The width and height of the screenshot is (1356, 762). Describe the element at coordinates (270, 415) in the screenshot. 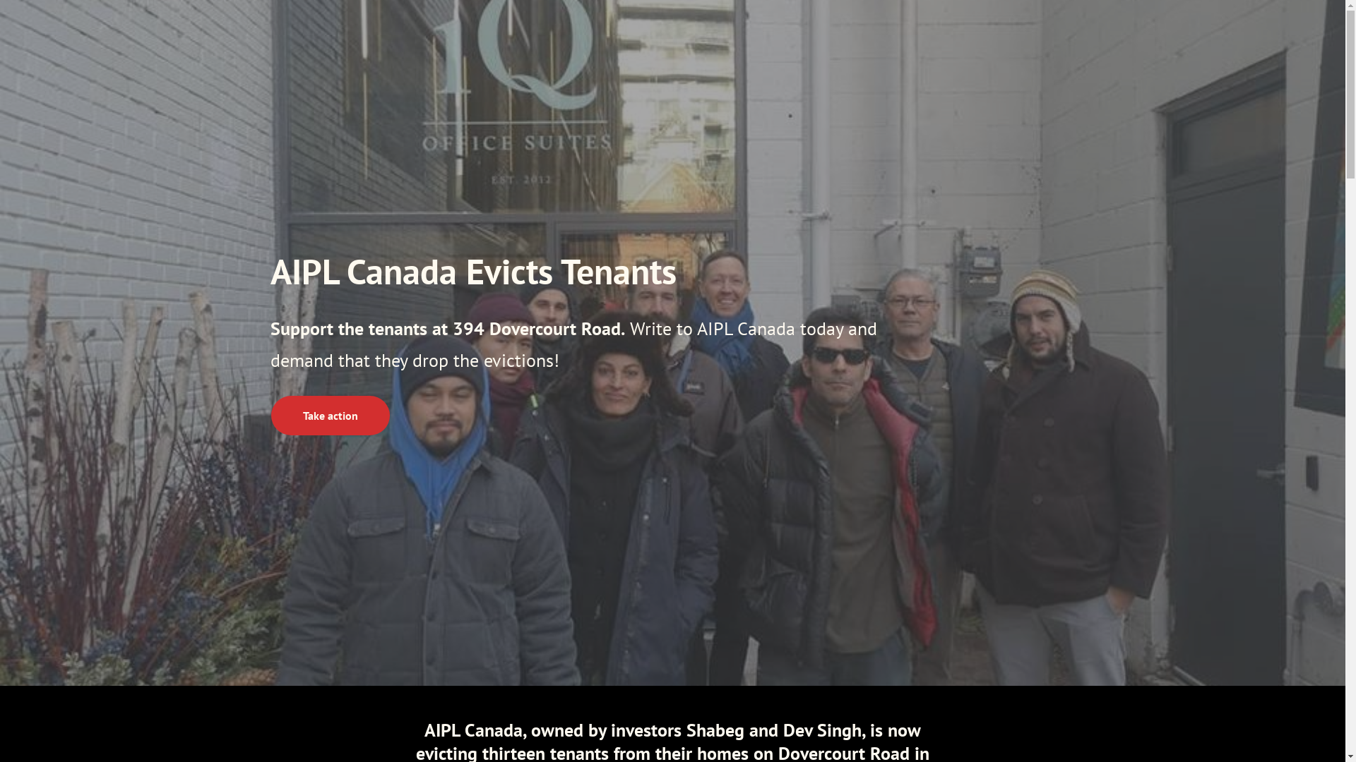

I see `'Take action'` at that location.